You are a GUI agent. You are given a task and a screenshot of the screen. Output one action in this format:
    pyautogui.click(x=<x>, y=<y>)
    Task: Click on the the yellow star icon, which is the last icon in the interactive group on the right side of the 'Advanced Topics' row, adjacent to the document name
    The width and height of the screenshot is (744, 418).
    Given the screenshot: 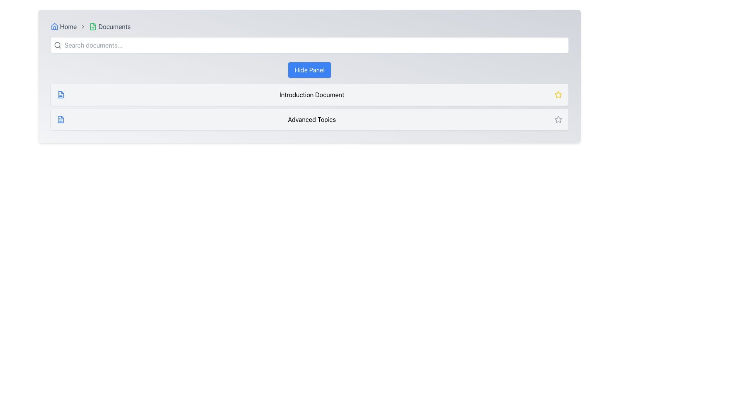 What is the action you would take?
    pyautogui.click(x=558, y=94)
    